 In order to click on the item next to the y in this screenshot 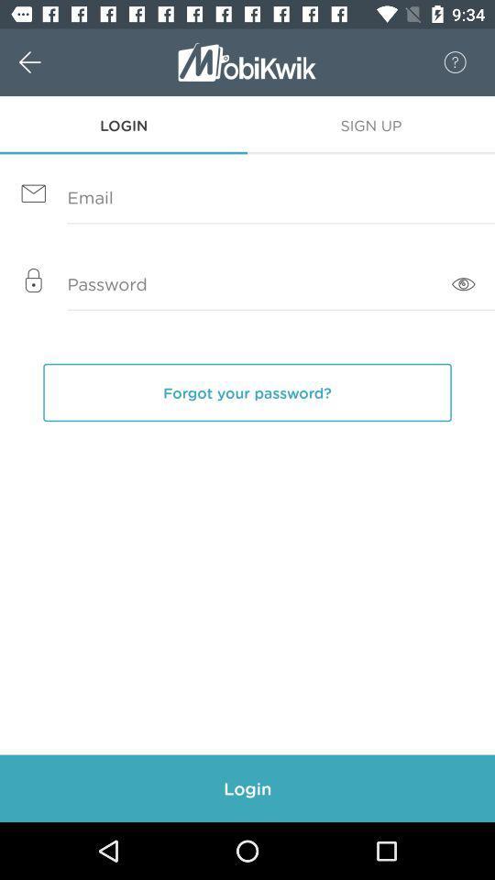, I will do `click(462, 284)`.